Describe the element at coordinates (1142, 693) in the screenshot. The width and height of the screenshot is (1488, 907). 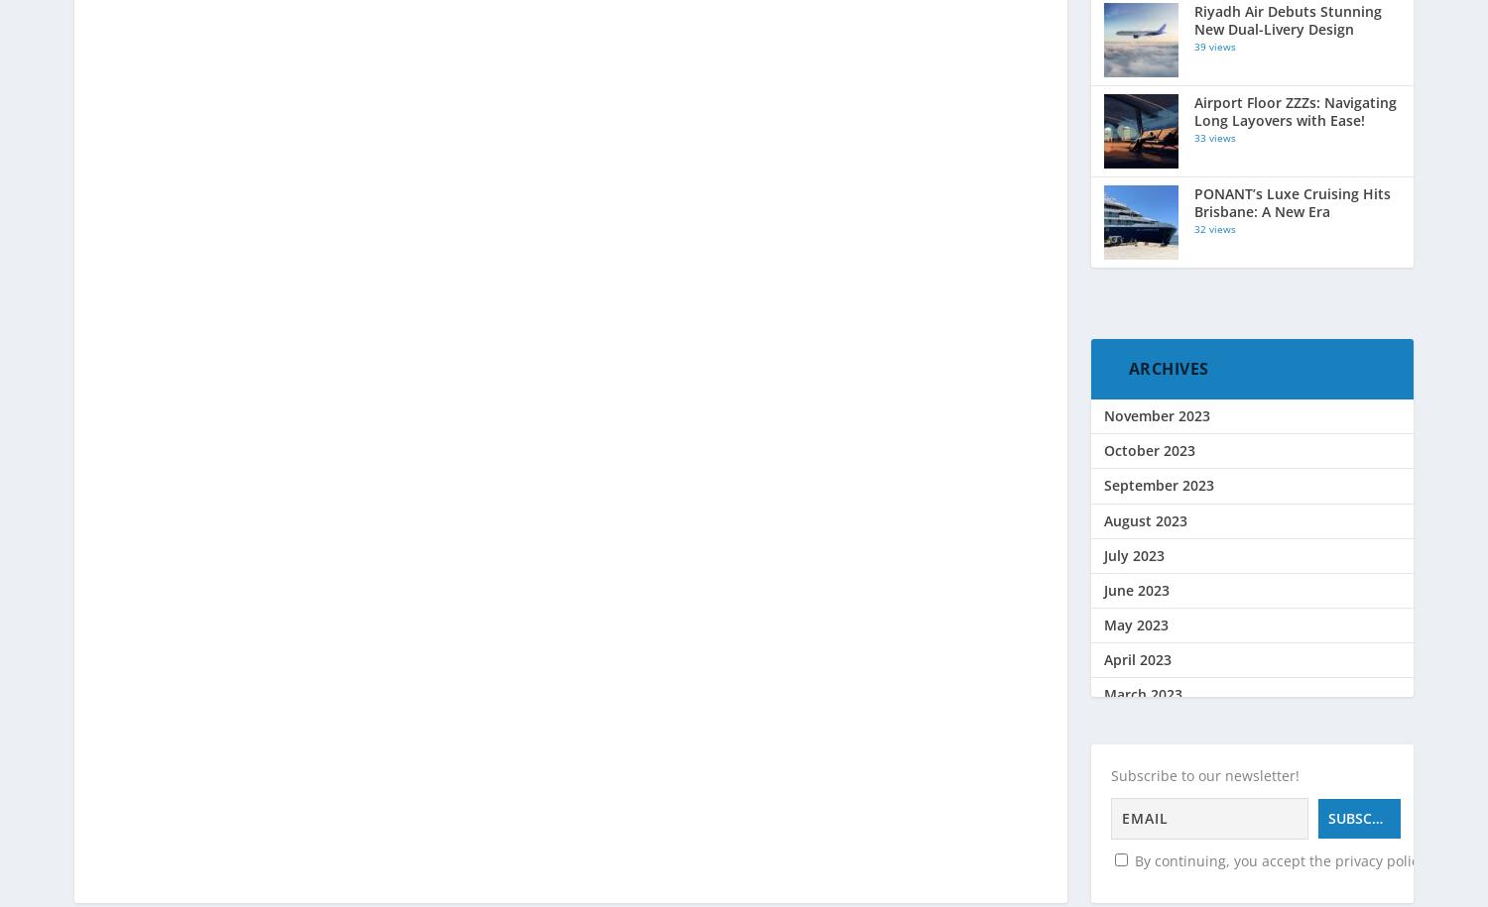
I see `'March 2023'` at that location.